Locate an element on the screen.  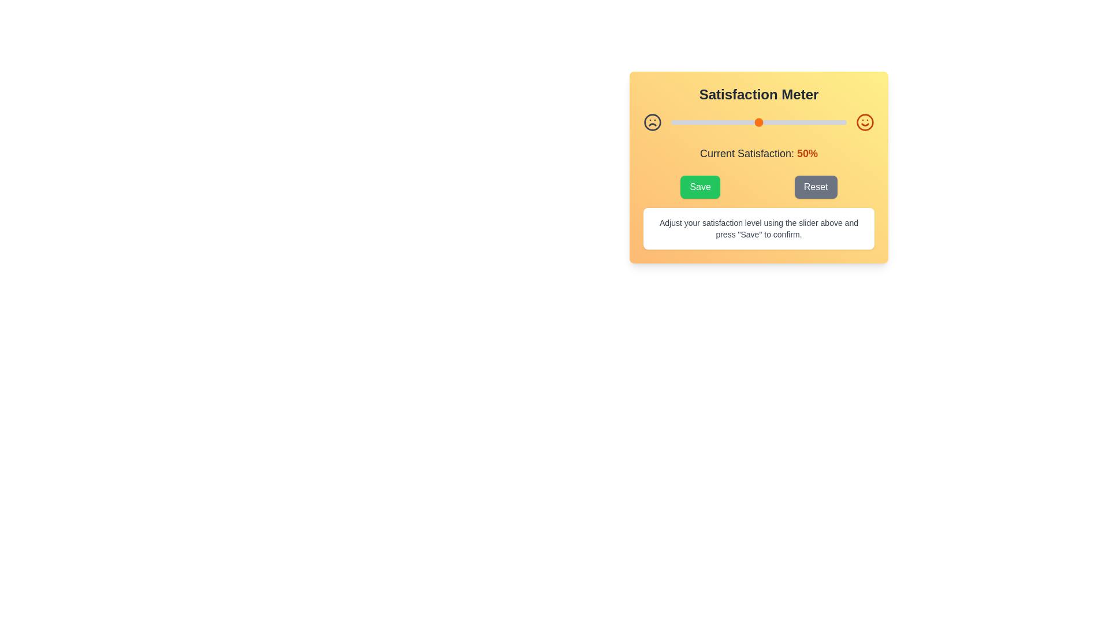
the slider to 100% satisfaction is located at coordinates (846, 122).